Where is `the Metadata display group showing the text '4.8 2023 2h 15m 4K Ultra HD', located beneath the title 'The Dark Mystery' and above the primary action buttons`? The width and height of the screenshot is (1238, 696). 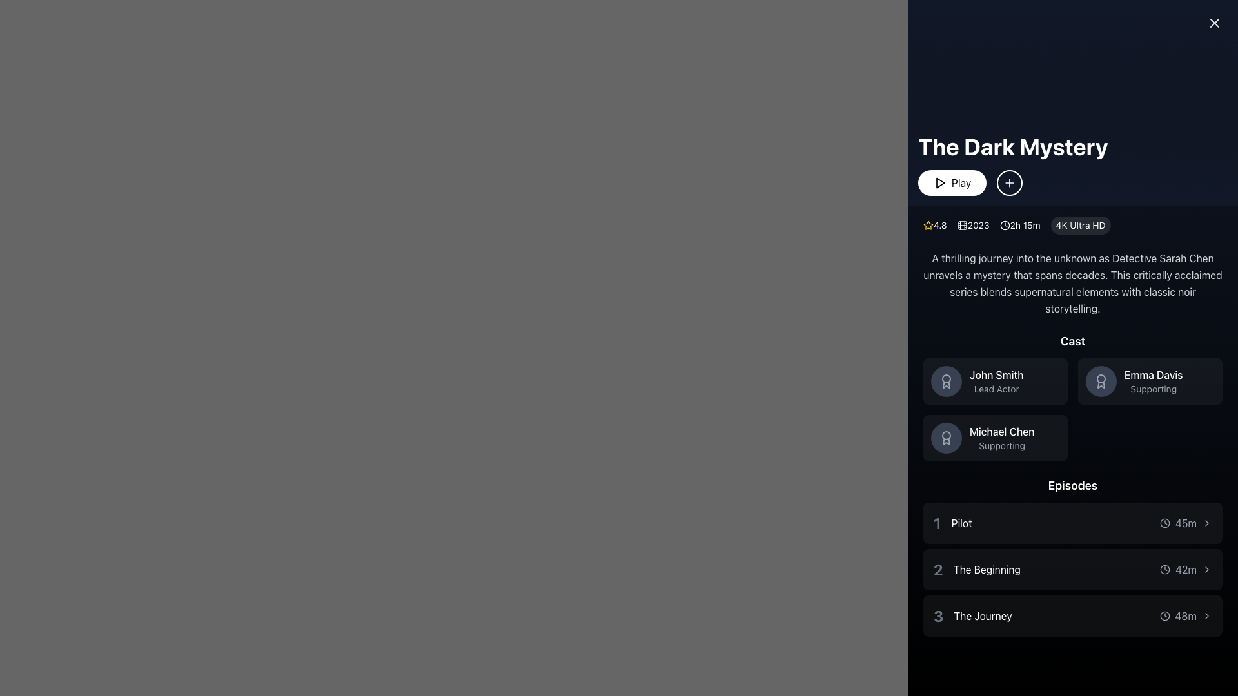
the Metadata display group showing the text '4.8 2023 2h 15m 4K Ultra HD', located beneath the title 'The Dark Mystery' and above the primary action buttons is located at coordinates (1073, 225).